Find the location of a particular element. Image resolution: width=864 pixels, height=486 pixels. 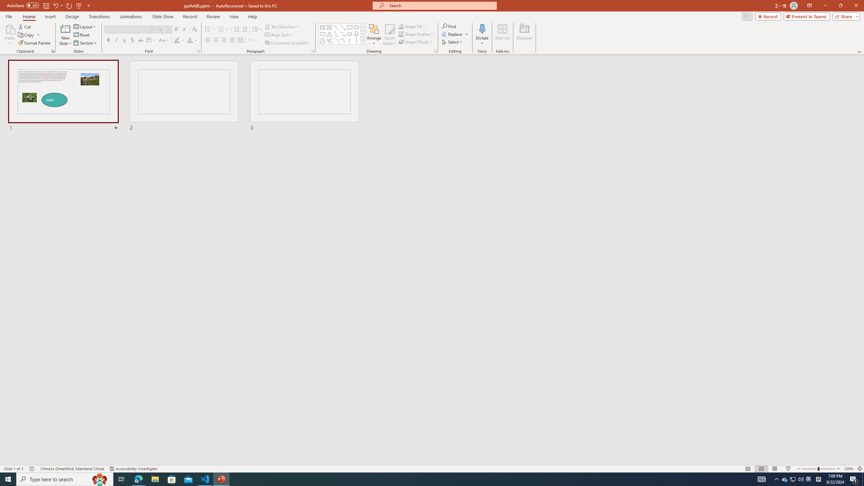

'Change Case' is located at coordinates (164, 40).